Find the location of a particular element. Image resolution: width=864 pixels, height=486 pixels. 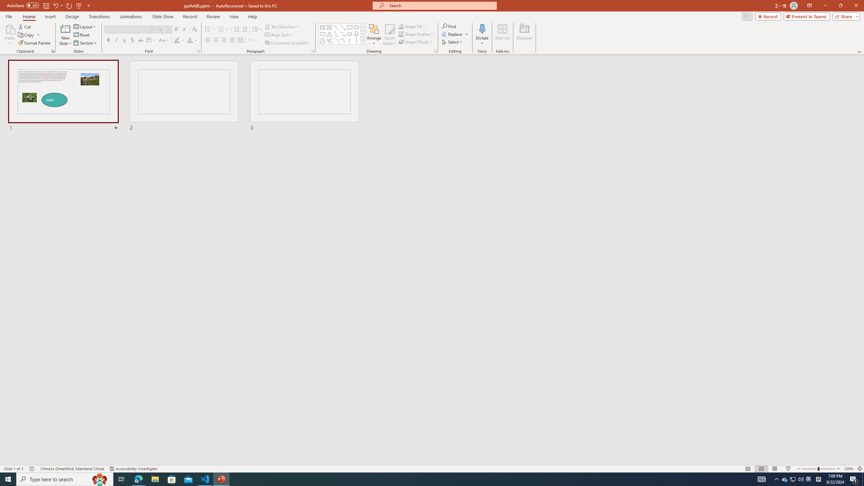

'Change Case' is located at coordinates (164, 40).